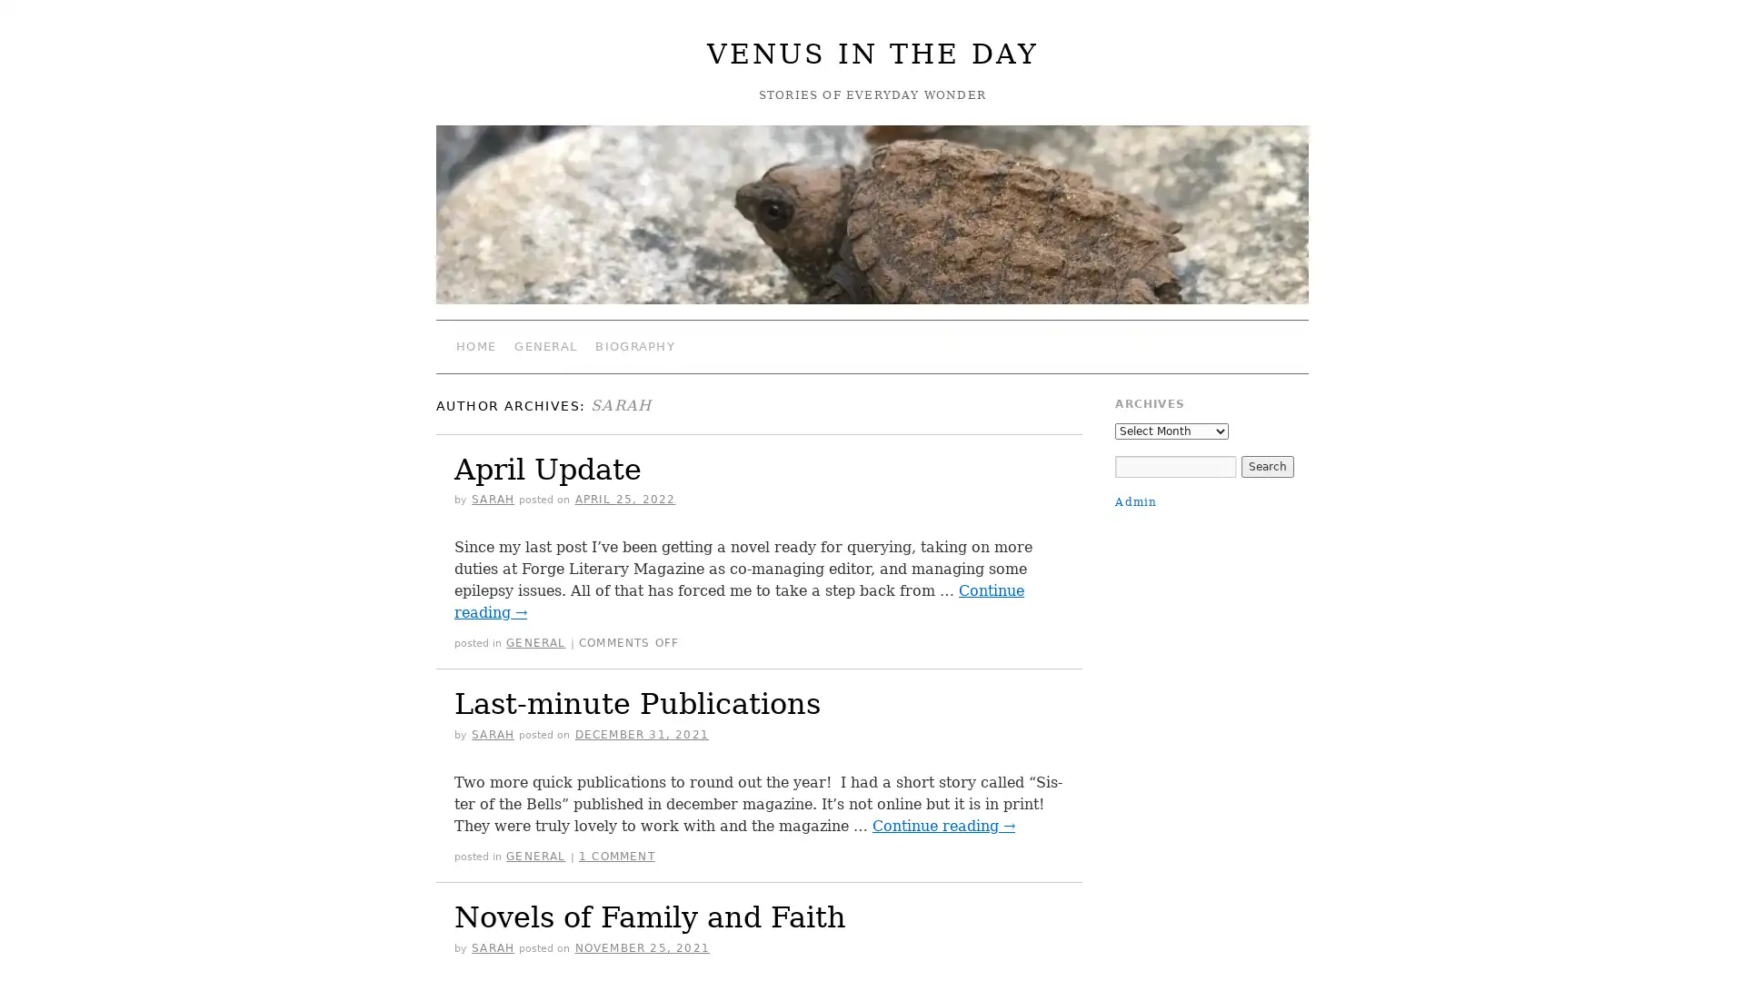 The image size is (1745, 981). What do you see at coordinates (1265, 465) in the screenshot?
I see `Search` at bounding box center [1265, 465].